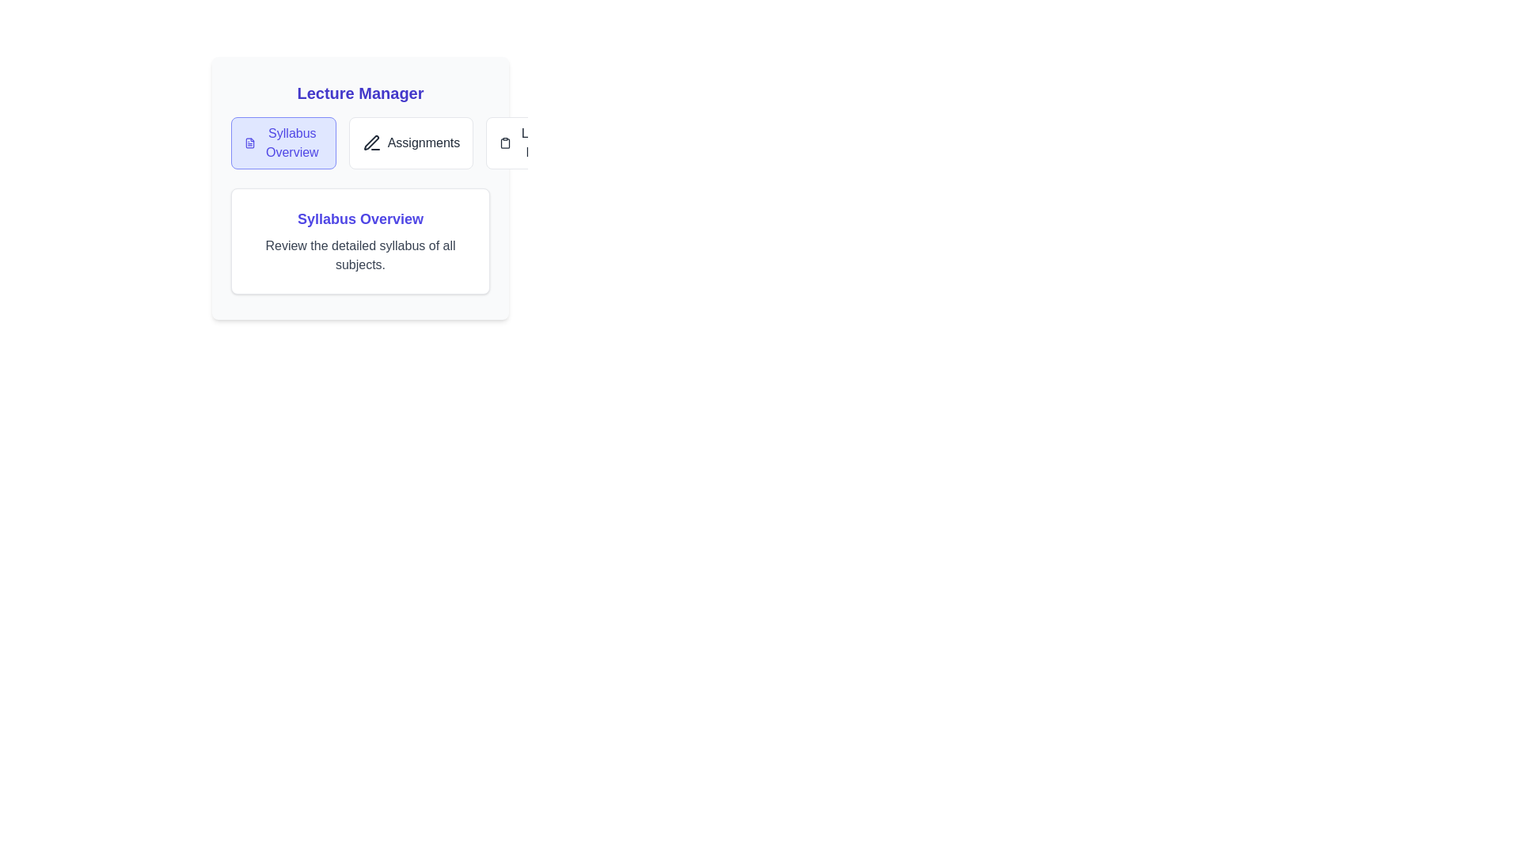  Describe the element at coordinates (359, 93) in the screenshot. I see `the 'Lecture Manager' text label, which is a bold and large indigo header positioned at the top of its section` at that location.